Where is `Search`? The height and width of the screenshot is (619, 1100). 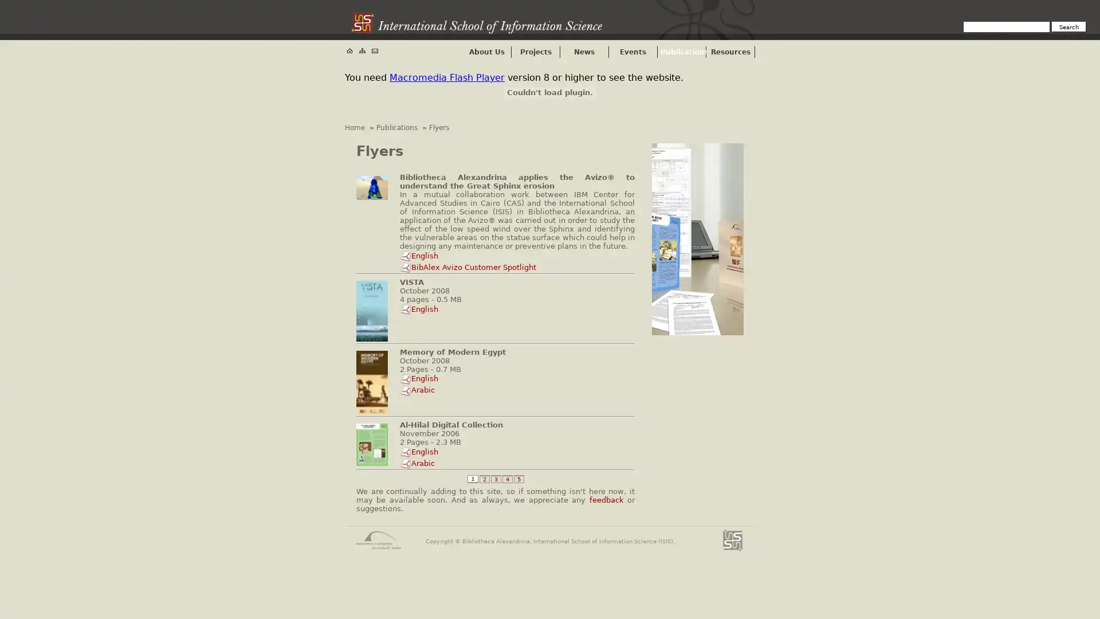 Search is located at coordinates (1068, 26).